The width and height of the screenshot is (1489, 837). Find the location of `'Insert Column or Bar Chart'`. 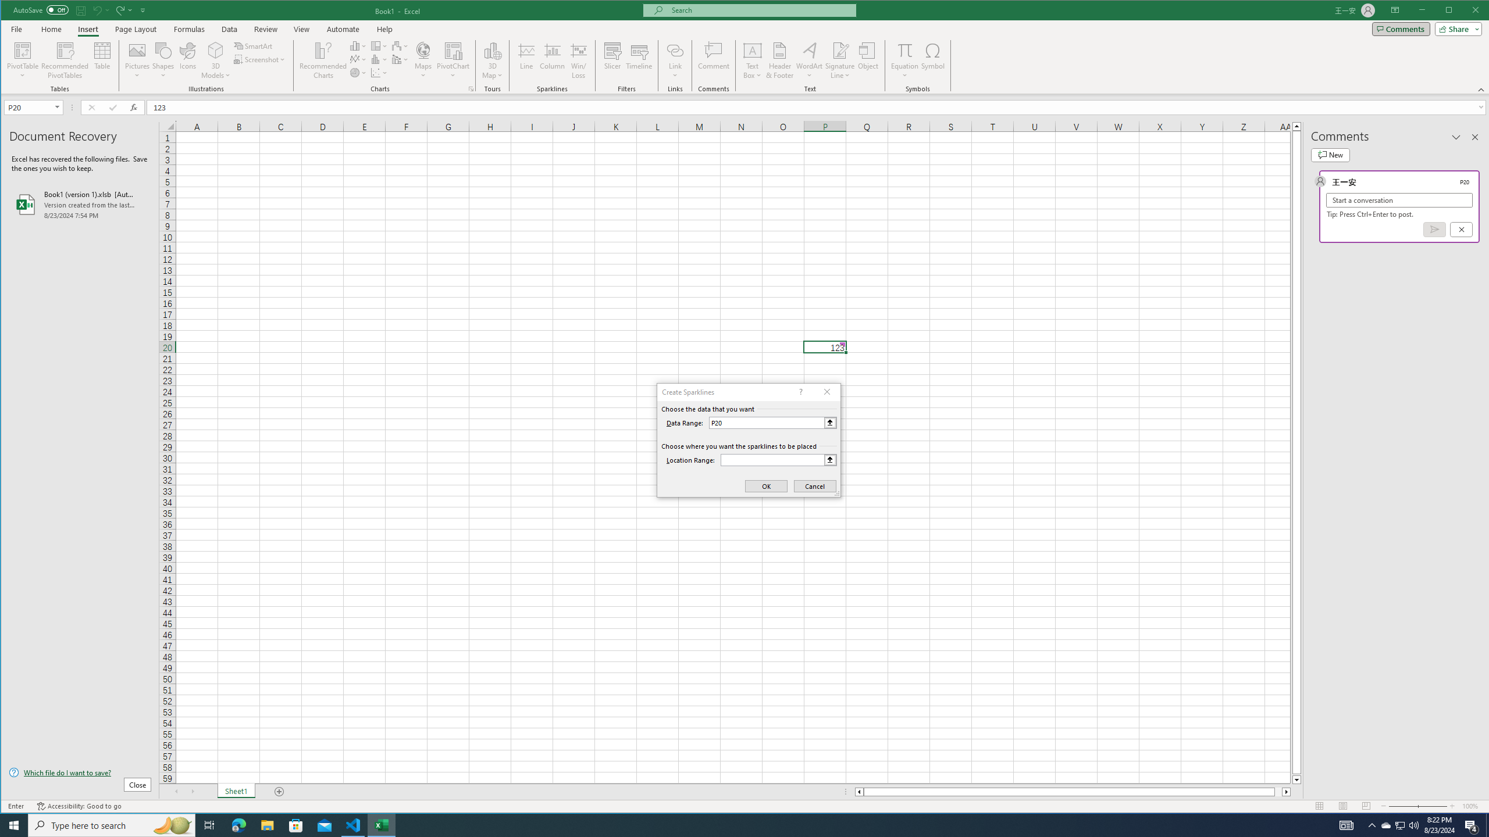

'Insert Column or Bar Chart' is located at coordinates (358, 45).